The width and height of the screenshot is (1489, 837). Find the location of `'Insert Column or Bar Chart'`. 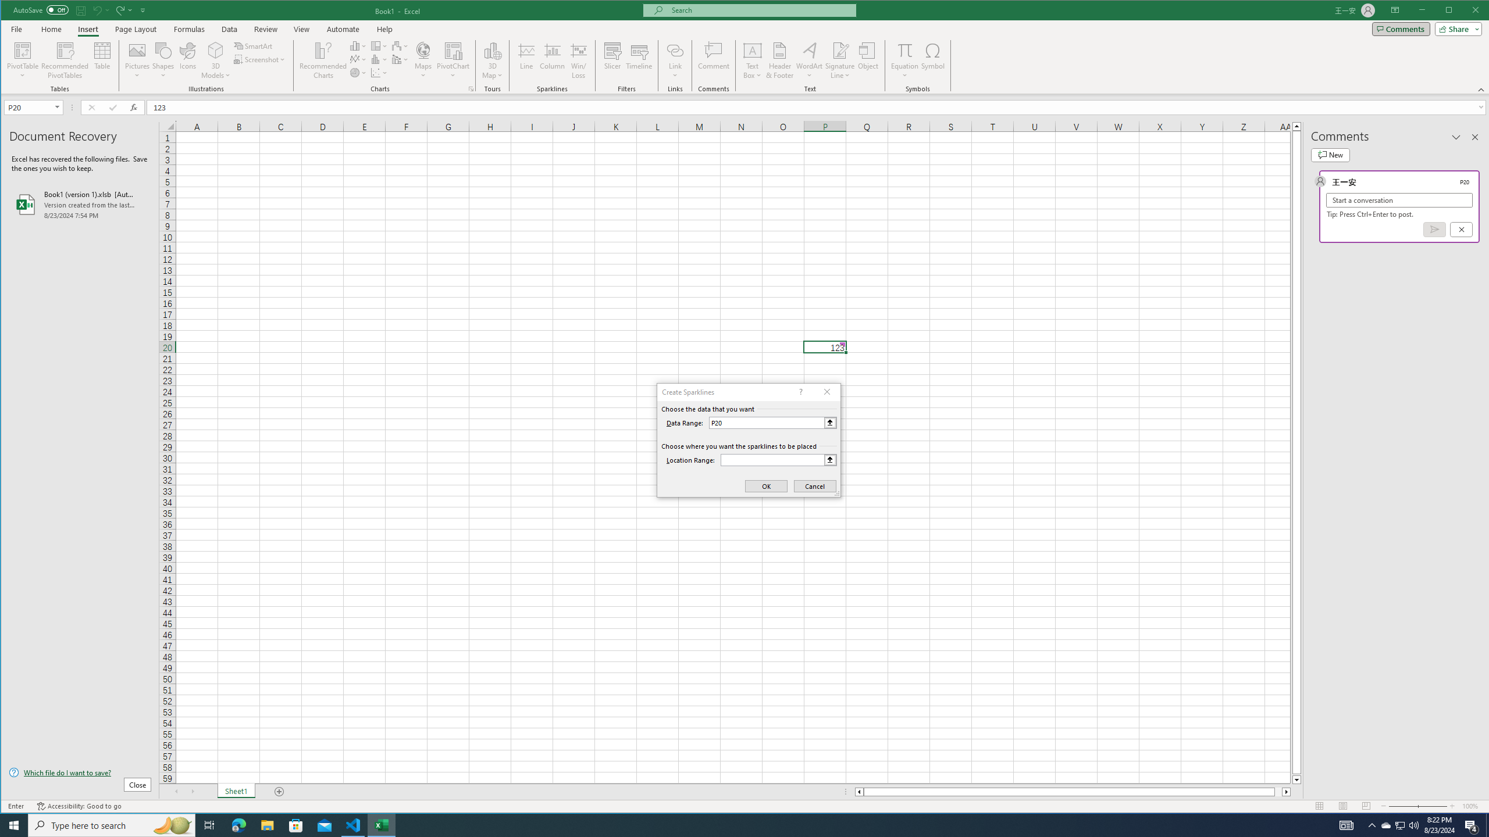

'Insert Column or Bar Chart' is located at coordinates (358, 45).